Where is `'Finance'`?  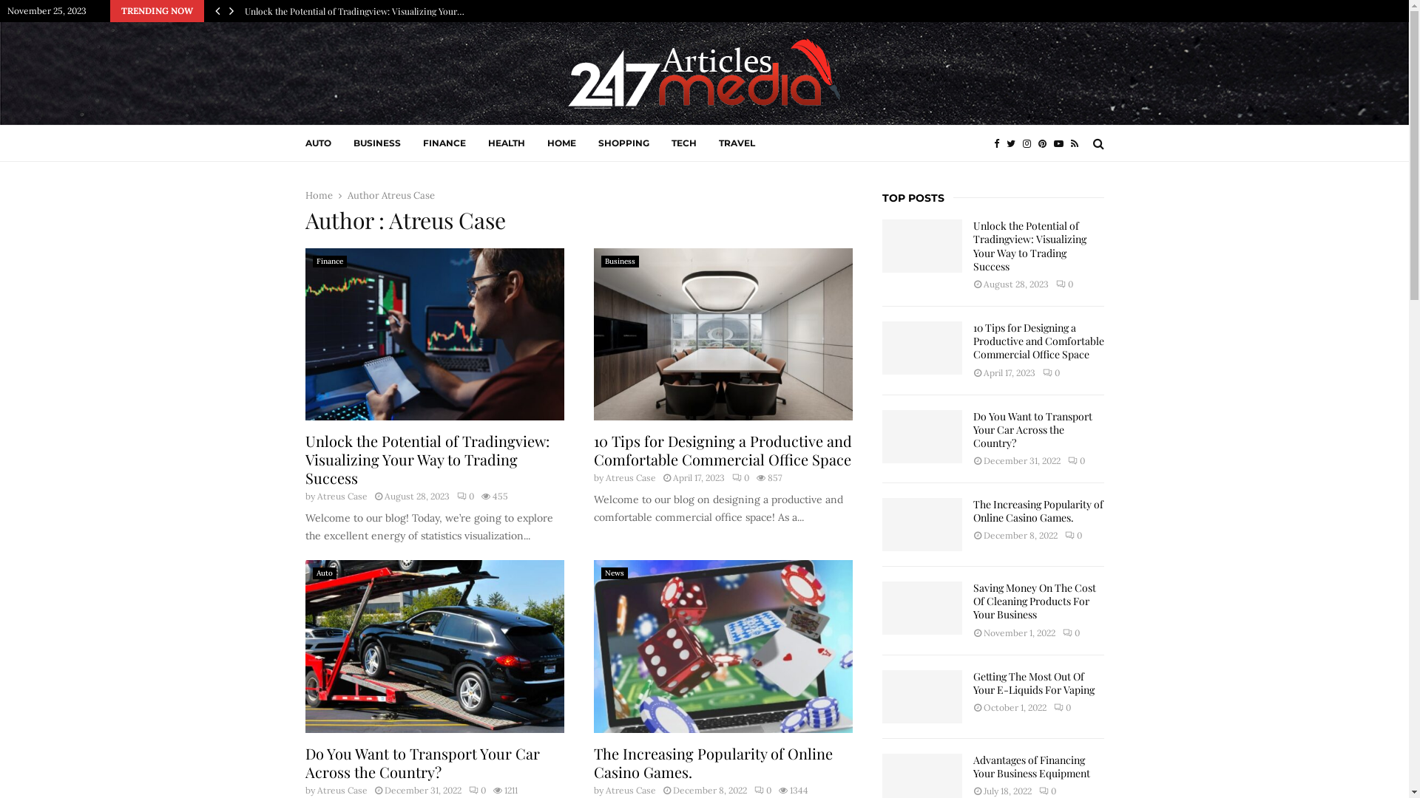
'Finance' is located at coordinates (328, 261).